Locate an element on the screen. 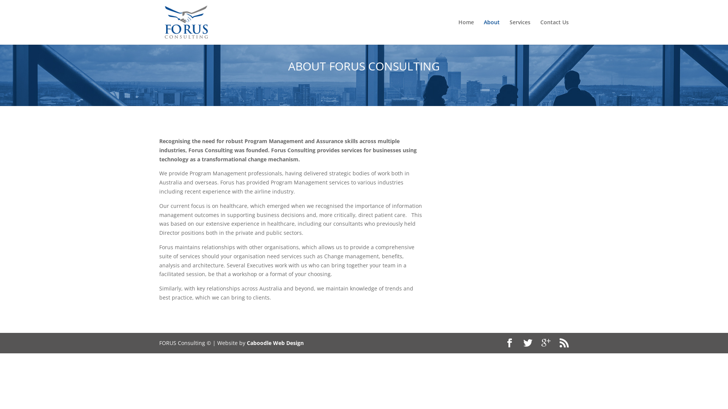 The height and width of the screenshot is (409, 728). 'About' is located at coordinates (491, 31).